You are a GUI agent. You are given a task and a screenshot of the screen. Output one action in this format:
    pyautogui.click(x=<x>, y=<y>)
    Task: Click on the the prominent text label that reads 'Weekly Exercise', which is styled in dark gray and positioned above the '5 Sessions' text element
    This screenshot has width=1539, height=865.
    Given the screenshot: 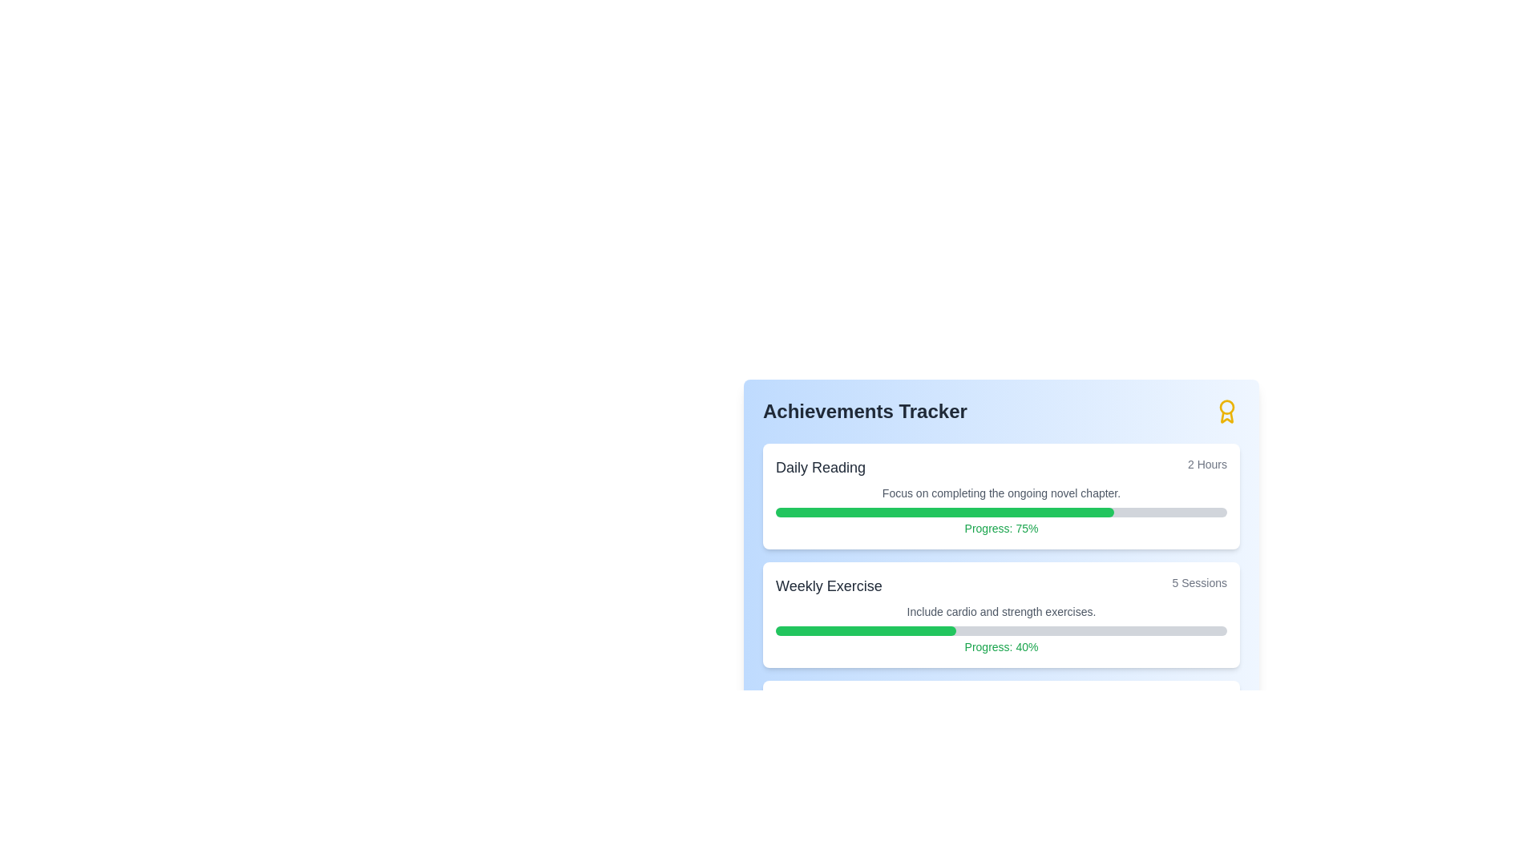 What is the action you would take?
    pyautogui.click(x=829, y=586)
    